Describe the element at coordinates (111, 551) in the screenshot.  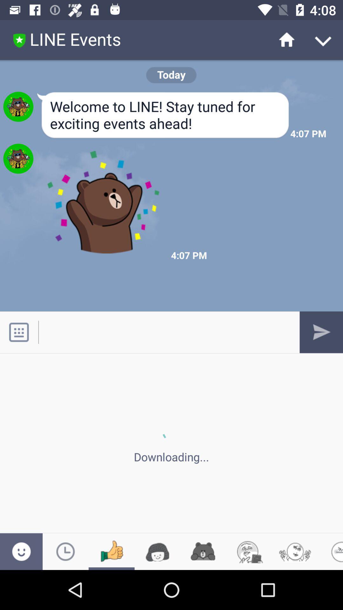
I see `the thumbs_up icon` at that location.